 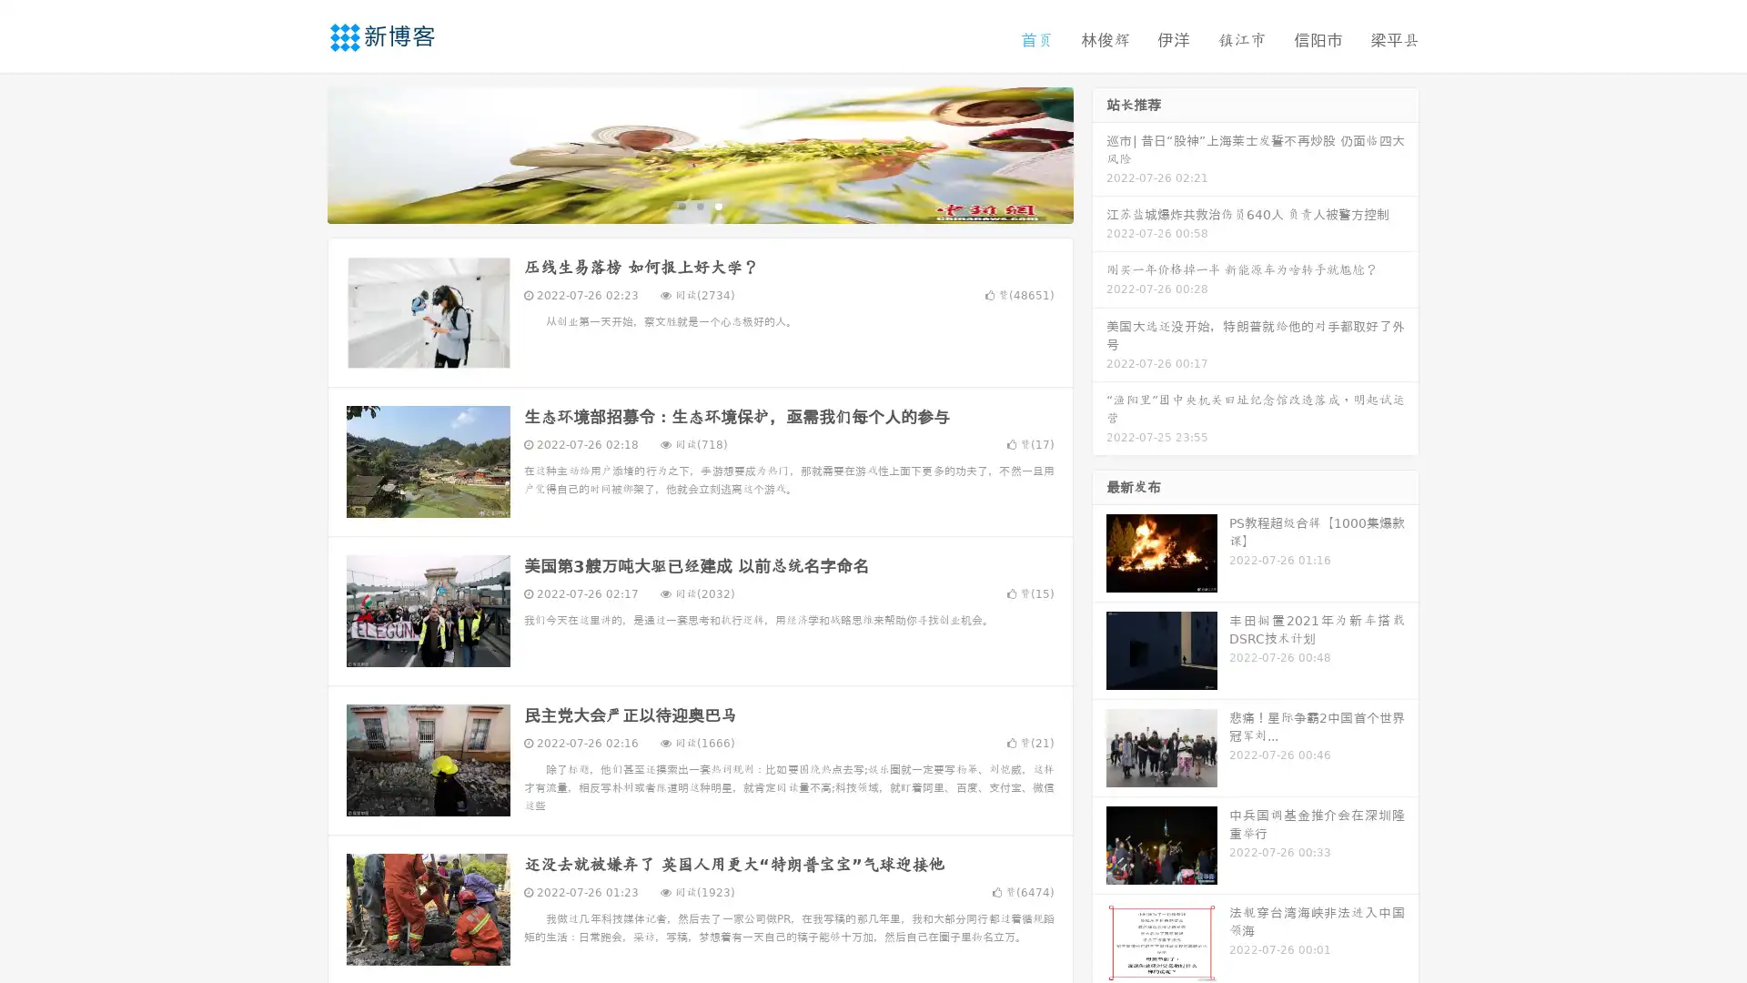 I want to click on Previous slide, so click(x=300, y=153).